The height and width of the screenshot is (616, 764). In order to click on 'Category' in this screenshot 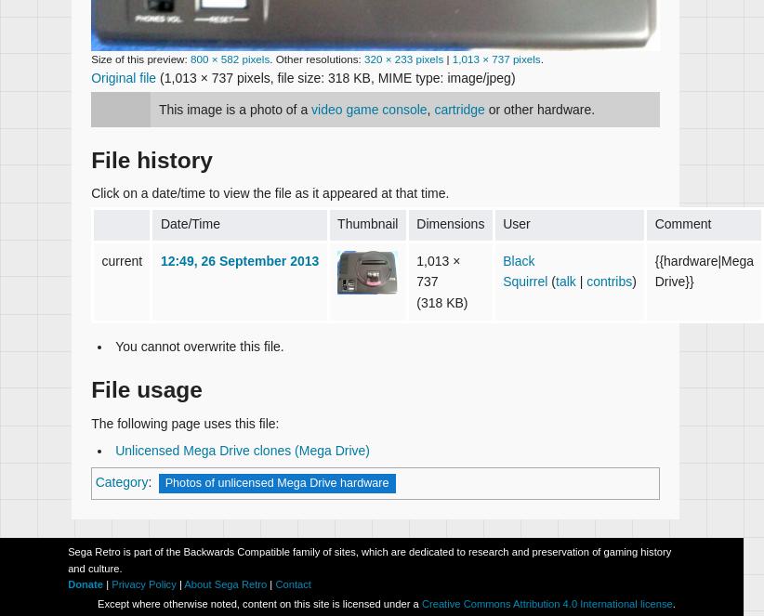, I will do `click(121, 481)`.